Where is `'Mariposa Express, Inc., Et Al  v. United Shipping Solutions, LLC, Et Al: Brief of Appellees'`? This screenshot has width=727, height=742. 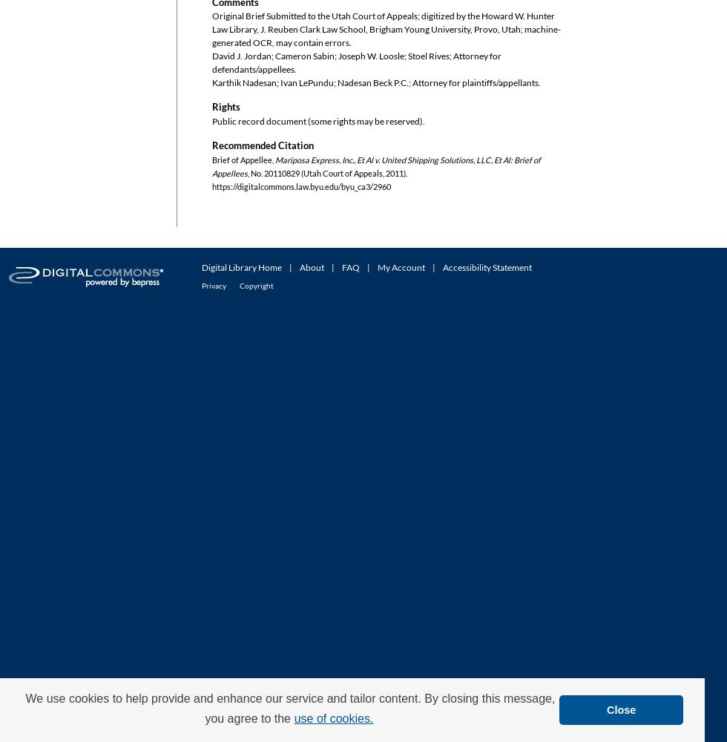 'Mariposa Express, Inc., Et Al  v. United Shipping Solutions, LLC, Et Al: Brief of Appellees' is located at coordinates (376, 165).